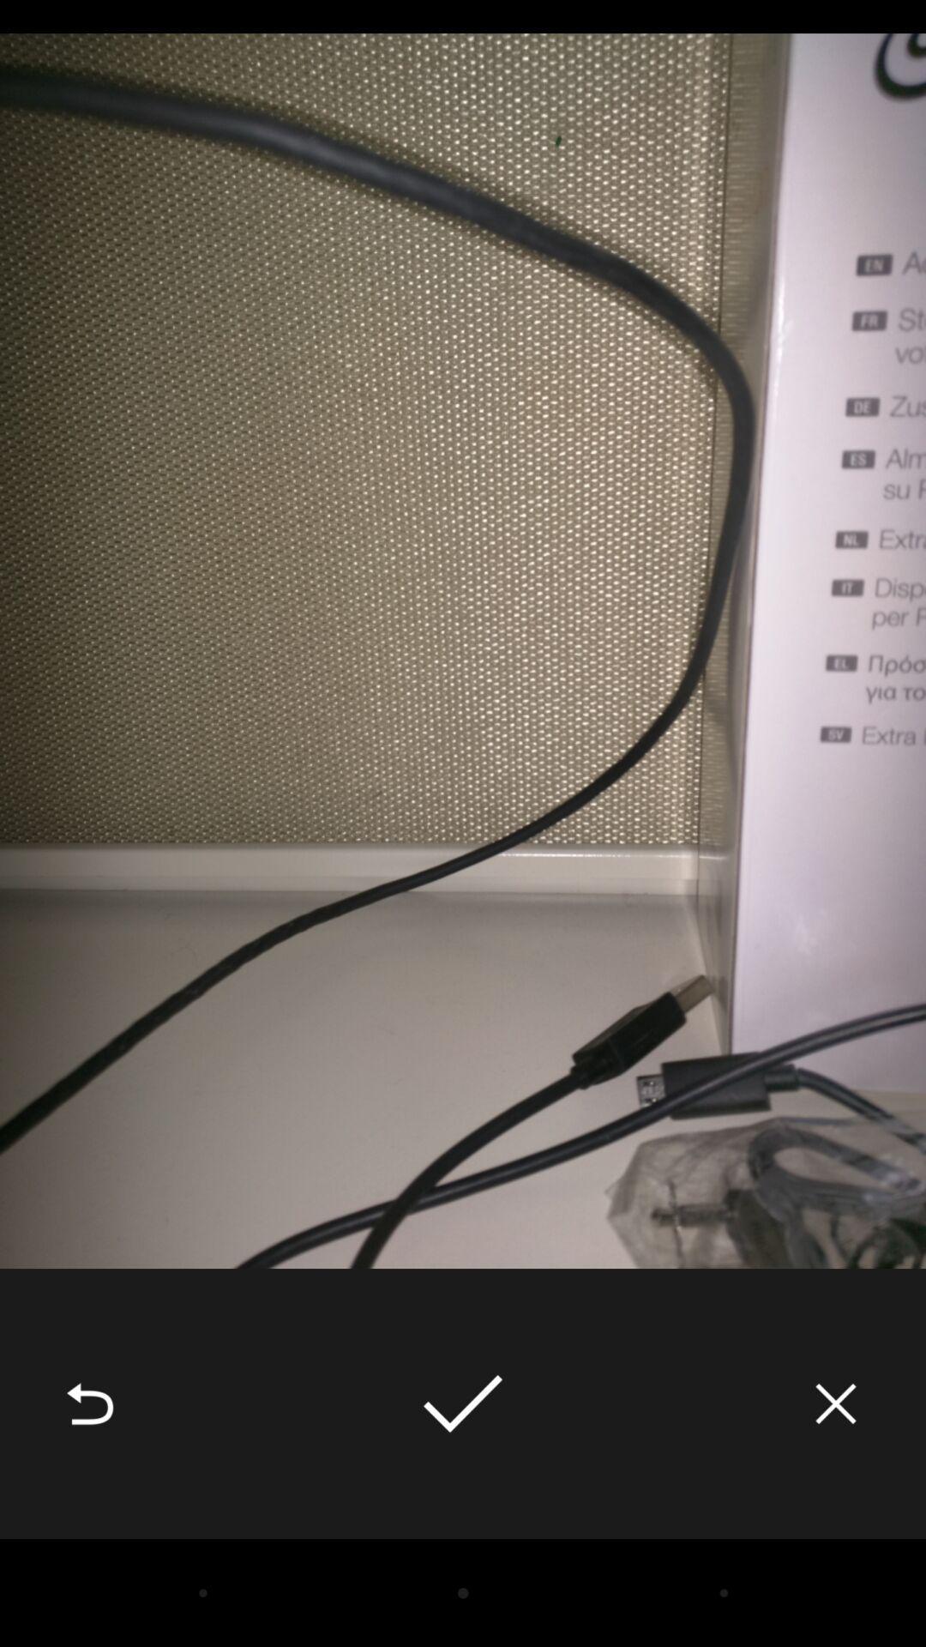 The width and height of the screenshot is (926, 1647). Describe the element at coordinates (89, 1403) in the screenshot. I see `the icon at the bottom left corner` at that location.